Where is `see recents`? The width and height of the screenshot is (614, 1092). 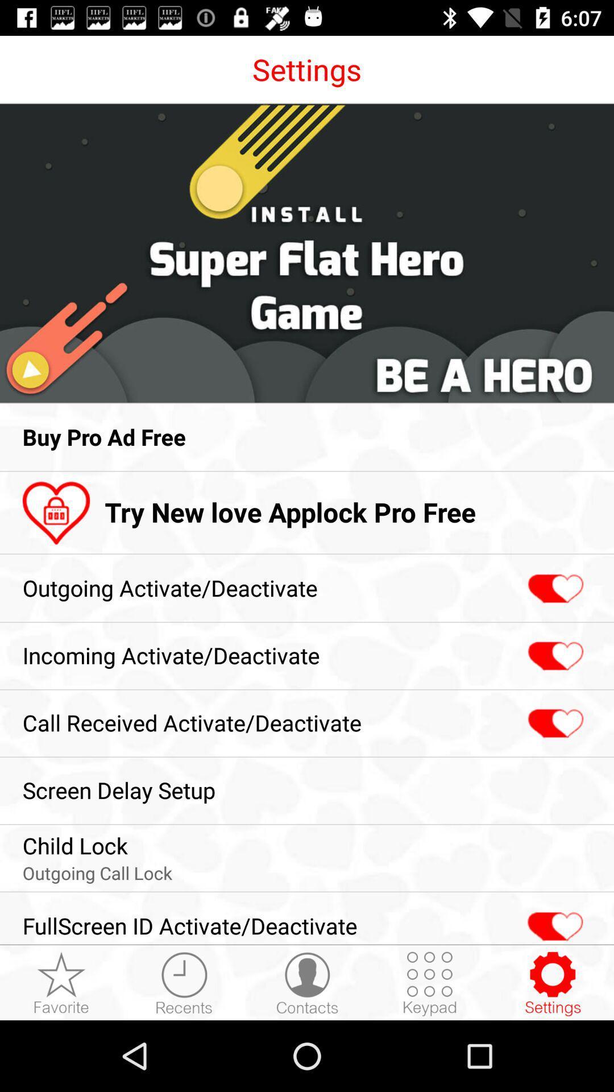
see recents is located at coordinates (184, 983).